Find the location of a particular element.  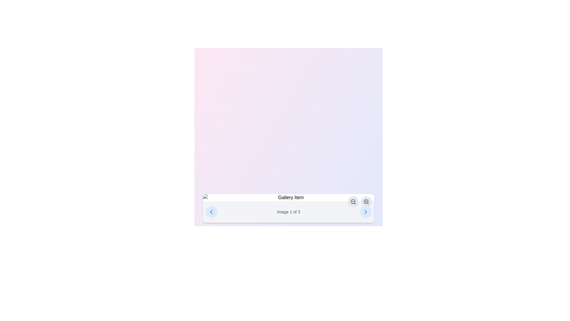

the central decorative element of the zoom-in icon located at the far-right end of the toolbar at the bottom of the interface is located at coordinates (366, 201).